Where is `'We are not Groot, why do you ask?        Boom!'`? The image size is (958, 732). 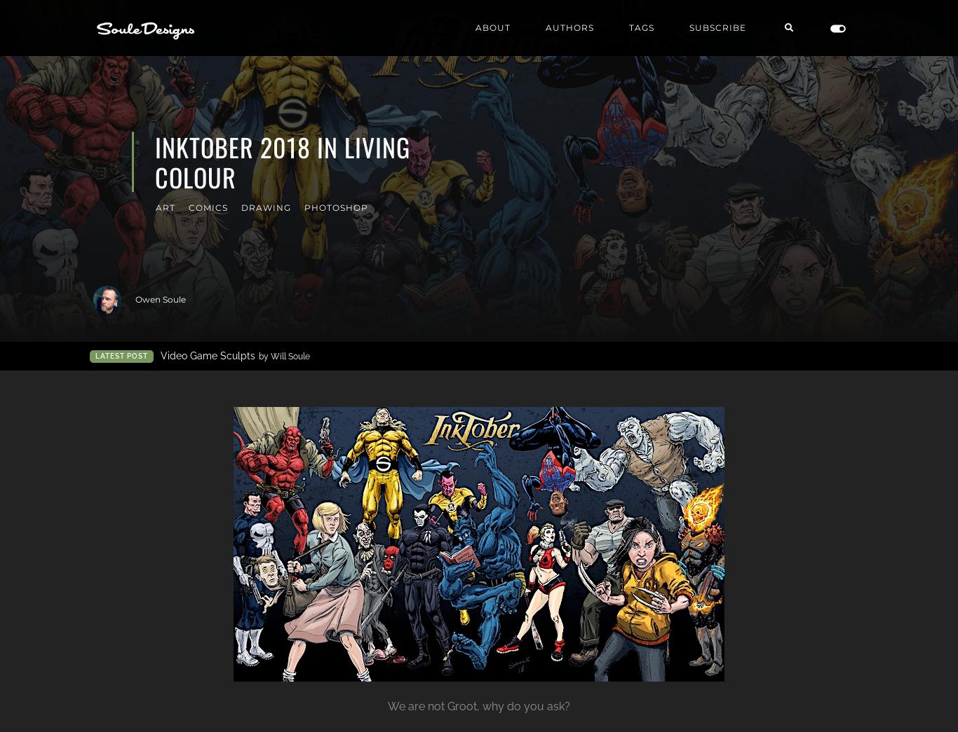 'We are not Groot, why do you ask?        Boom!' is located at coordinates (588, 139).